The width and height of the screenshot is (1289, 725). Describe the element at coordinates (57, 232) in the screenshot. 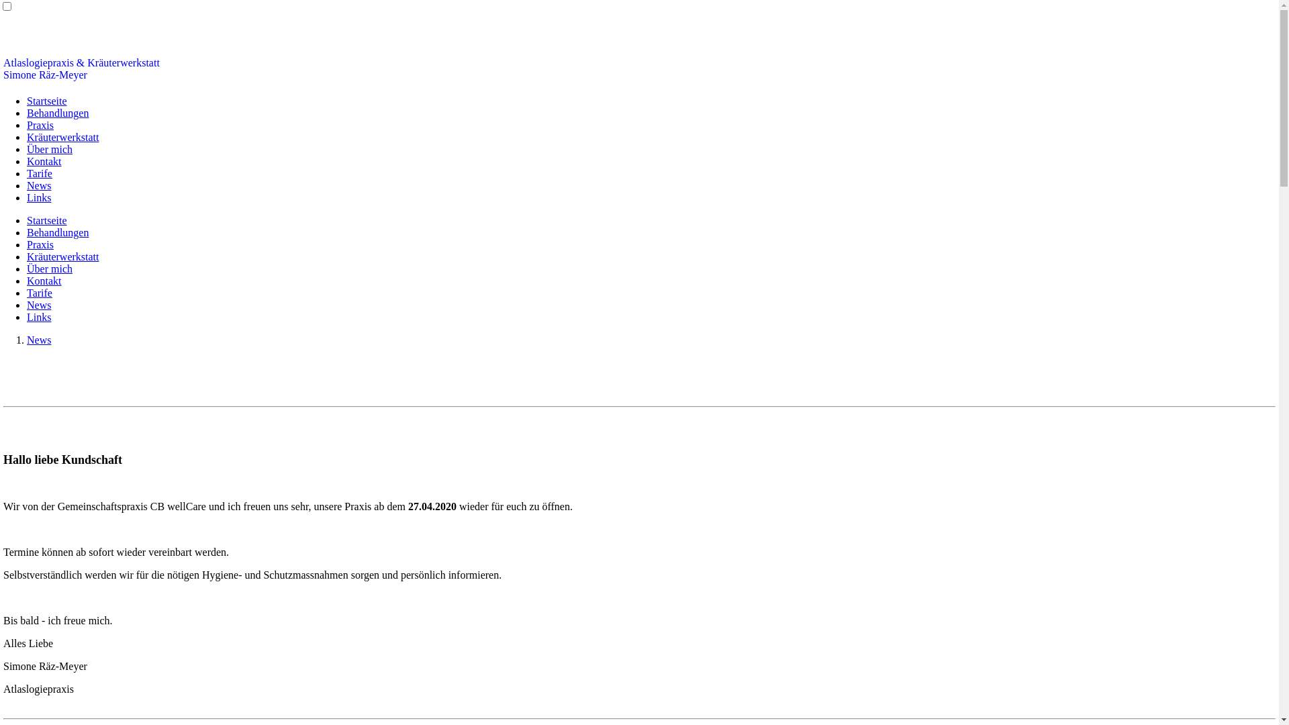

I see `'Behandlungen'` at that location.